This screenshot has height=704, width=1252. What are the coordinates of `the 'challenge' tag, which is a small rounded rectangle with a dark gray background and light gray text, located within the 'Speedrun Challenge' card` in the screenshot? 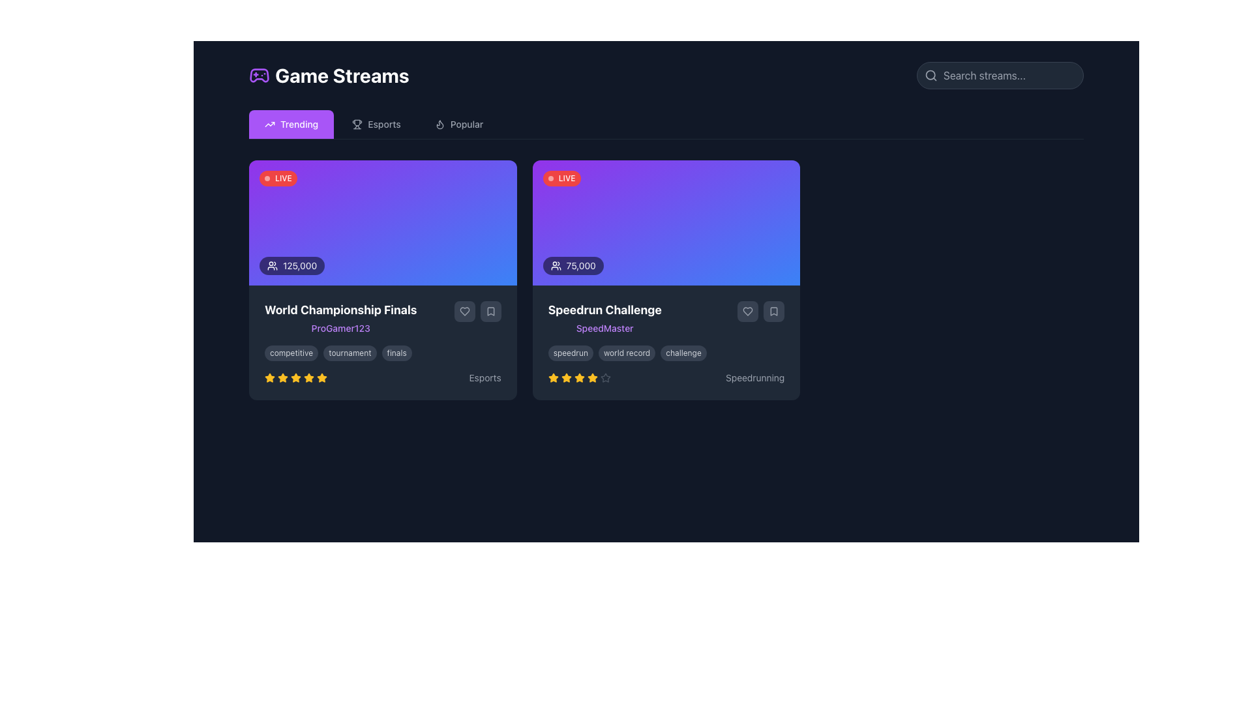 It's located at (683, 353).